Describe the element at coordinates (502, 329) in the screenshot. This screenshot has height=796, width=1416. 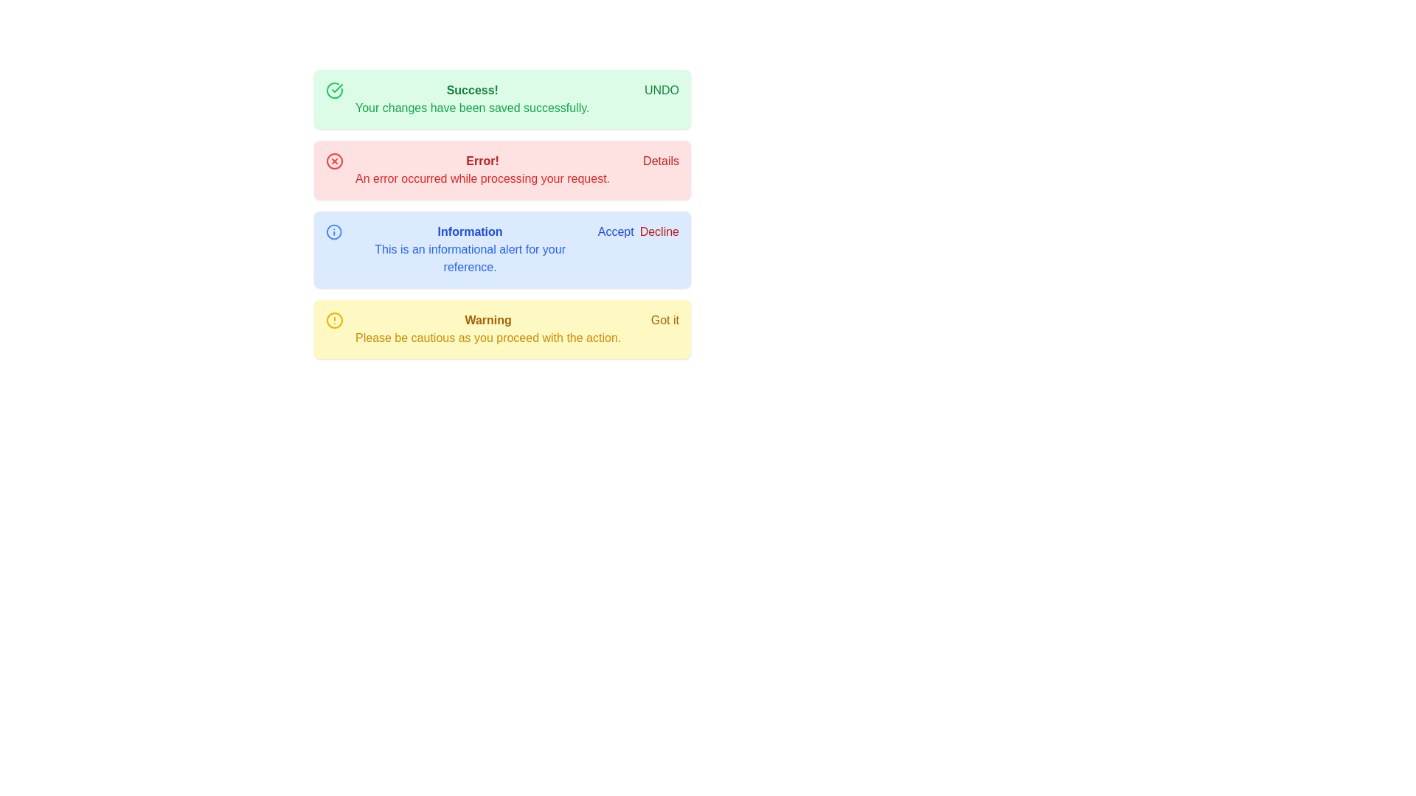
I see `the warning Notification card, which is the last in a vertical stack of alert elements` at that location.